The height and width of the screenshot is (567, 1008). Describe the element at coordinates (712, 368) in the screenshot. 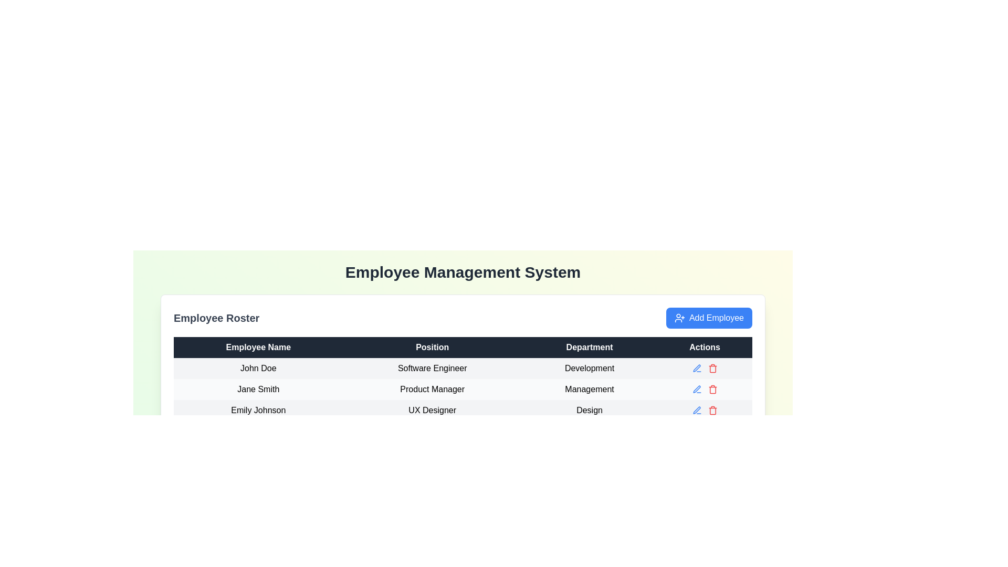

I see `the delete button located in the third row of action buttons under the 'Actions' column` at that location.